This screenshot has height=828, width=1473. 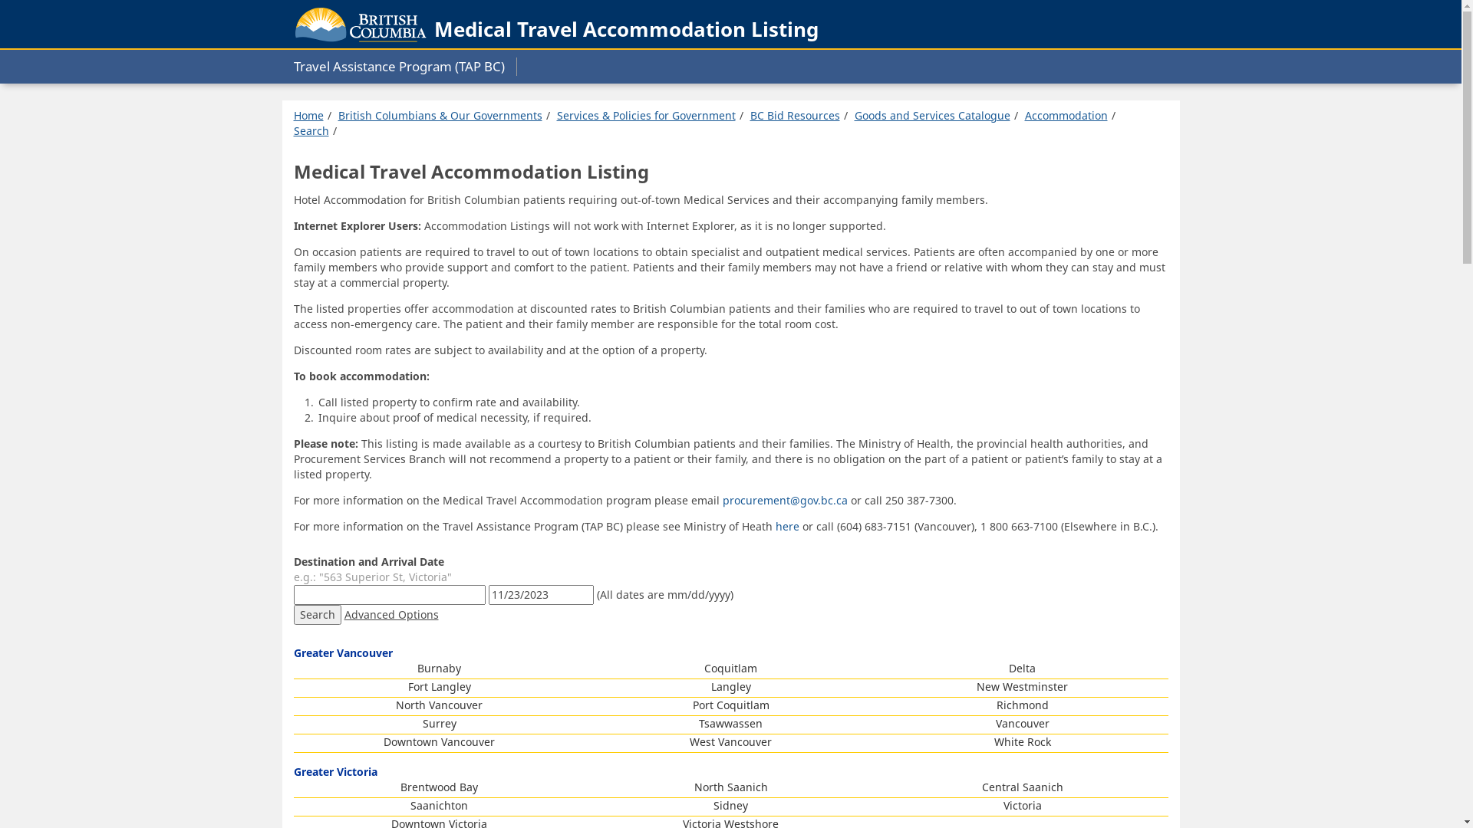 I want to click on 'Saanichton', so click(x=410, y=804).